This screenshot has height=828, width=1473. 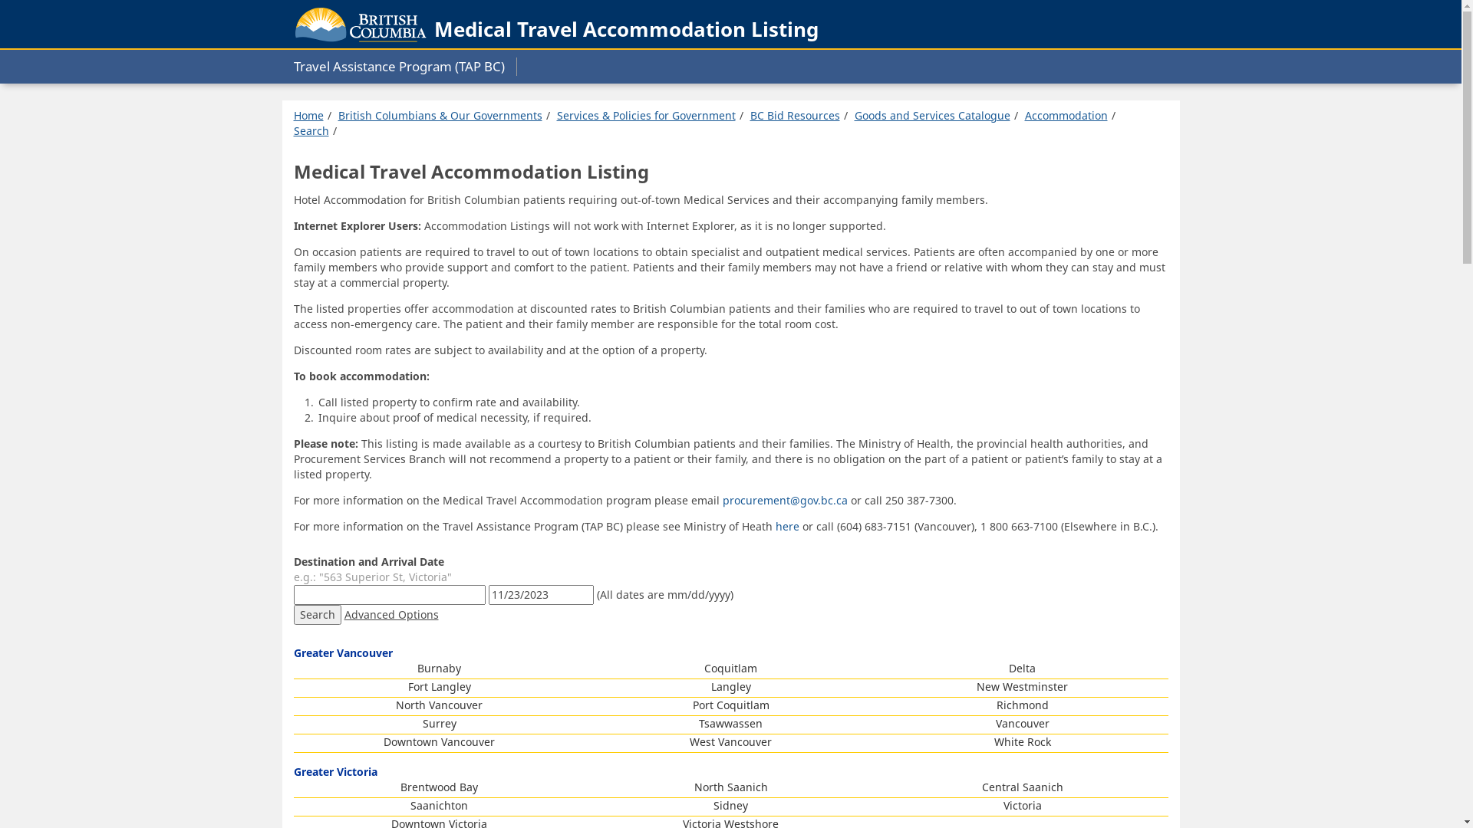 I want to click on 'Saanichton', so click(x=410, y=804).